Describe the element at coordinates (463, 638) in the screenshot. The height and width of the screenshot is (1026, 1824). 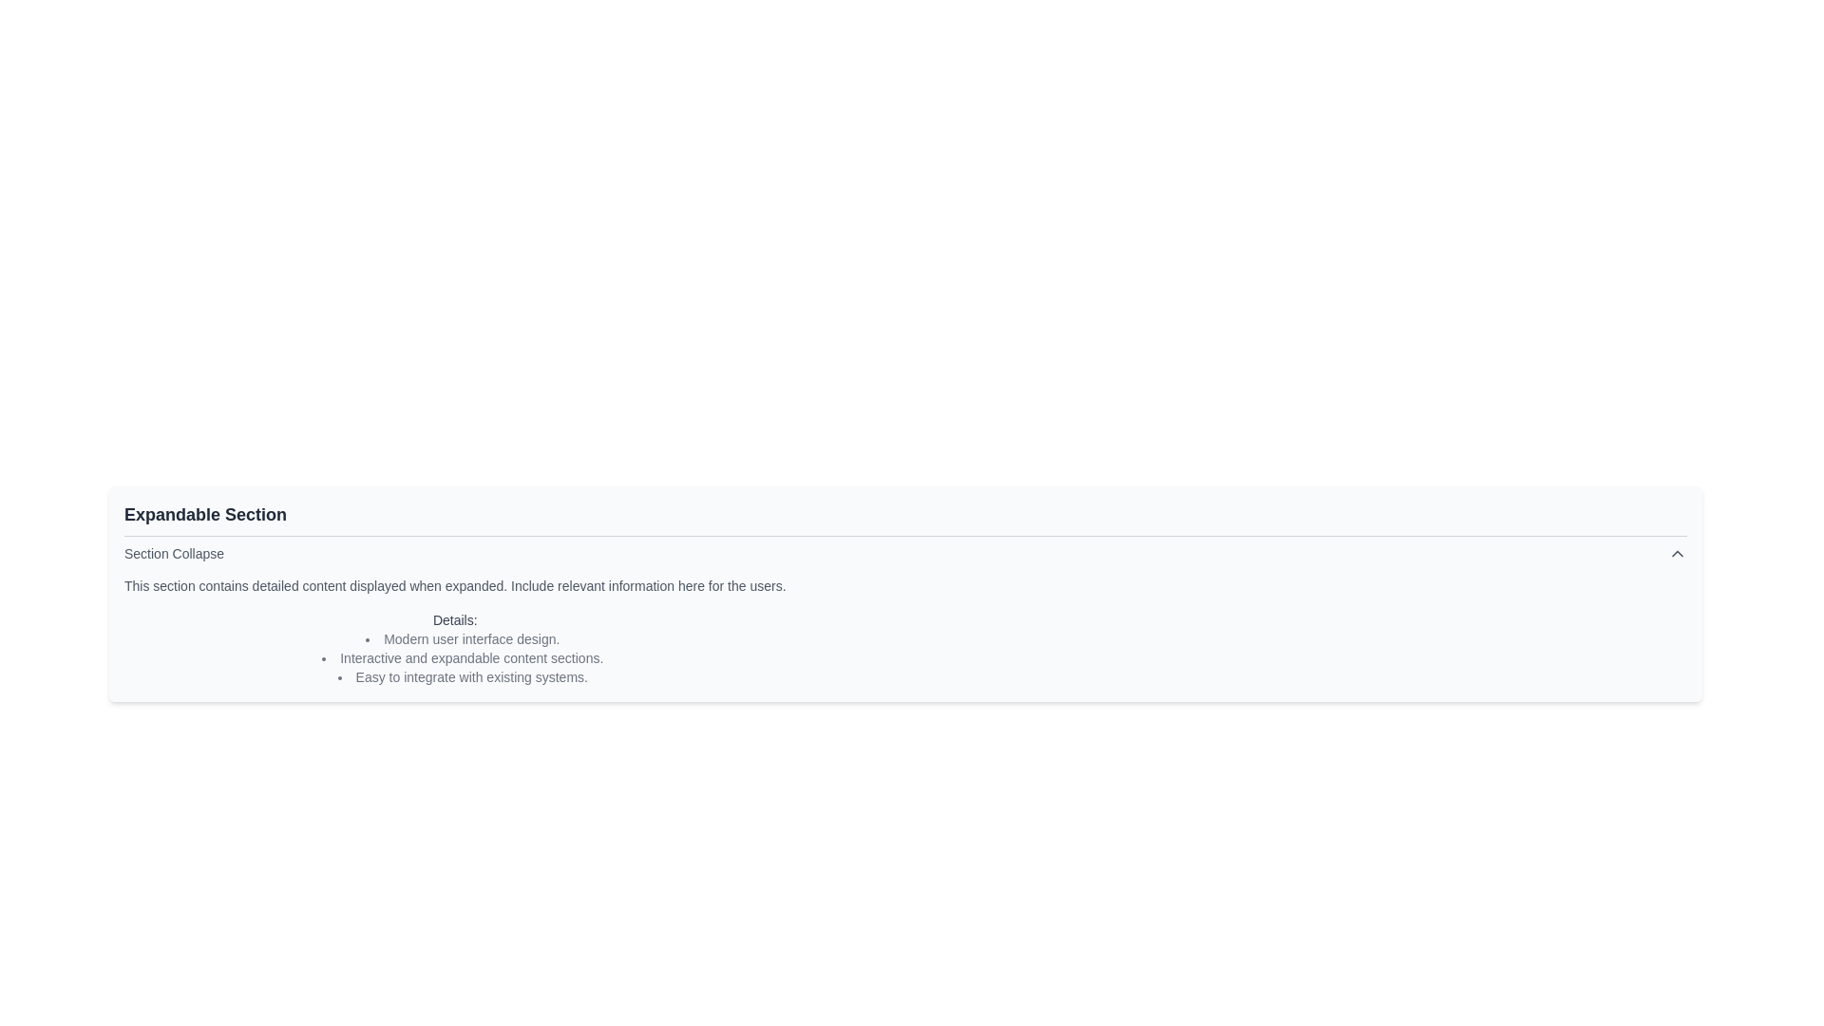
I see `the first list item in the 'Details:' section that describes 'Modern user interface design.'` at that location.